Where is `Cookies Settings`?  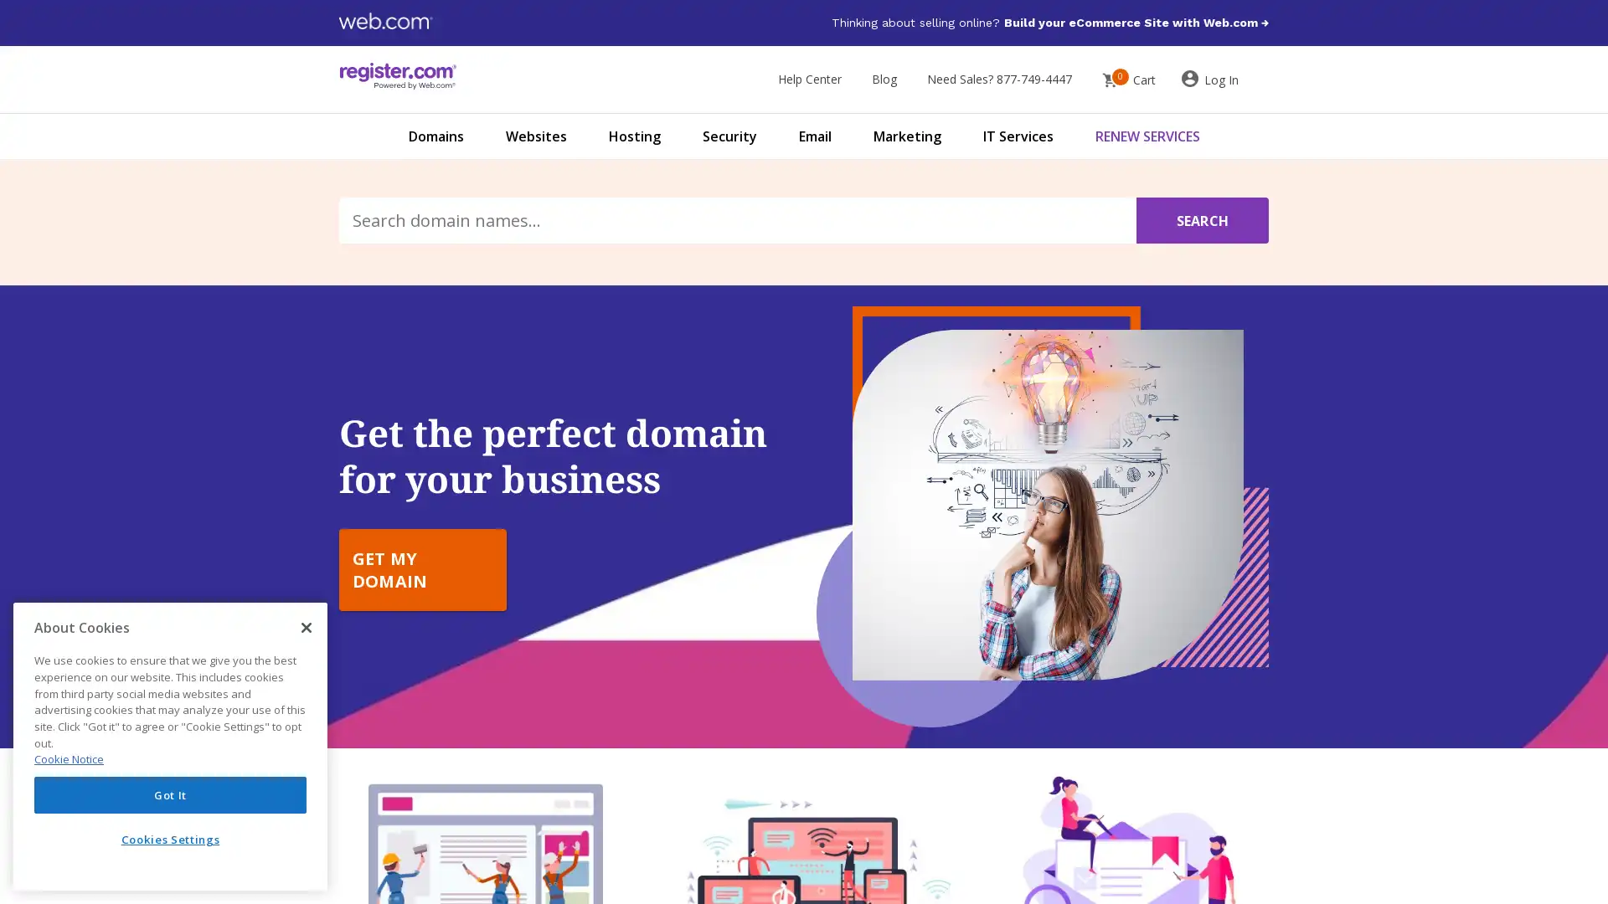 Cookies Settings is located at coordinates (170, 839).